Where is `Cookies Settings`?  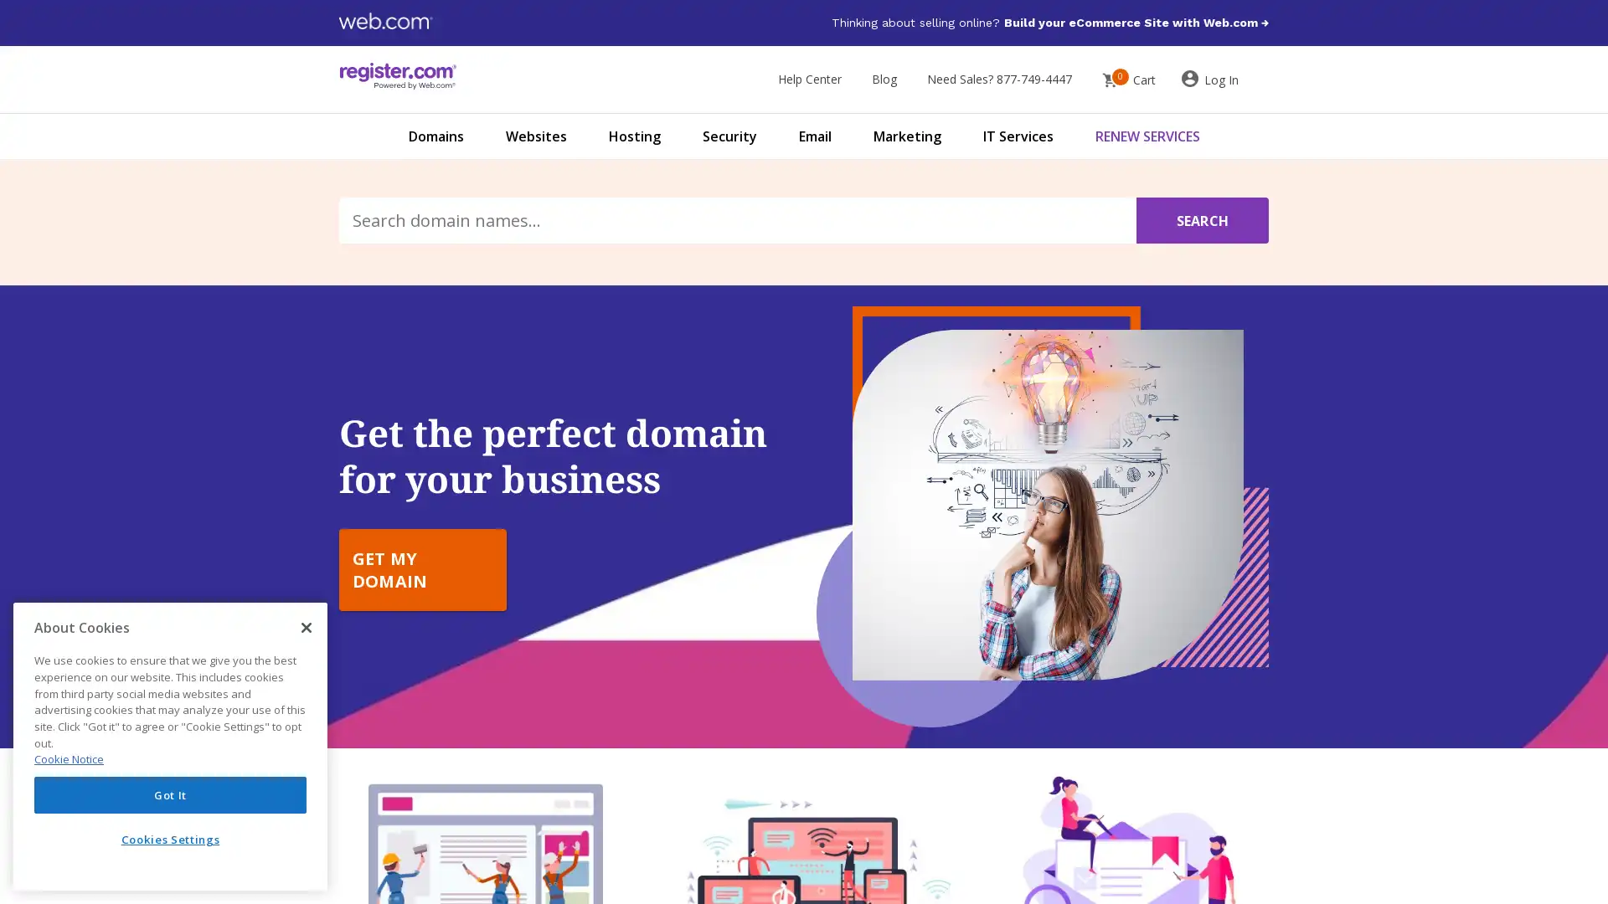 Cookies Settings is located at coordinates (170, 839).